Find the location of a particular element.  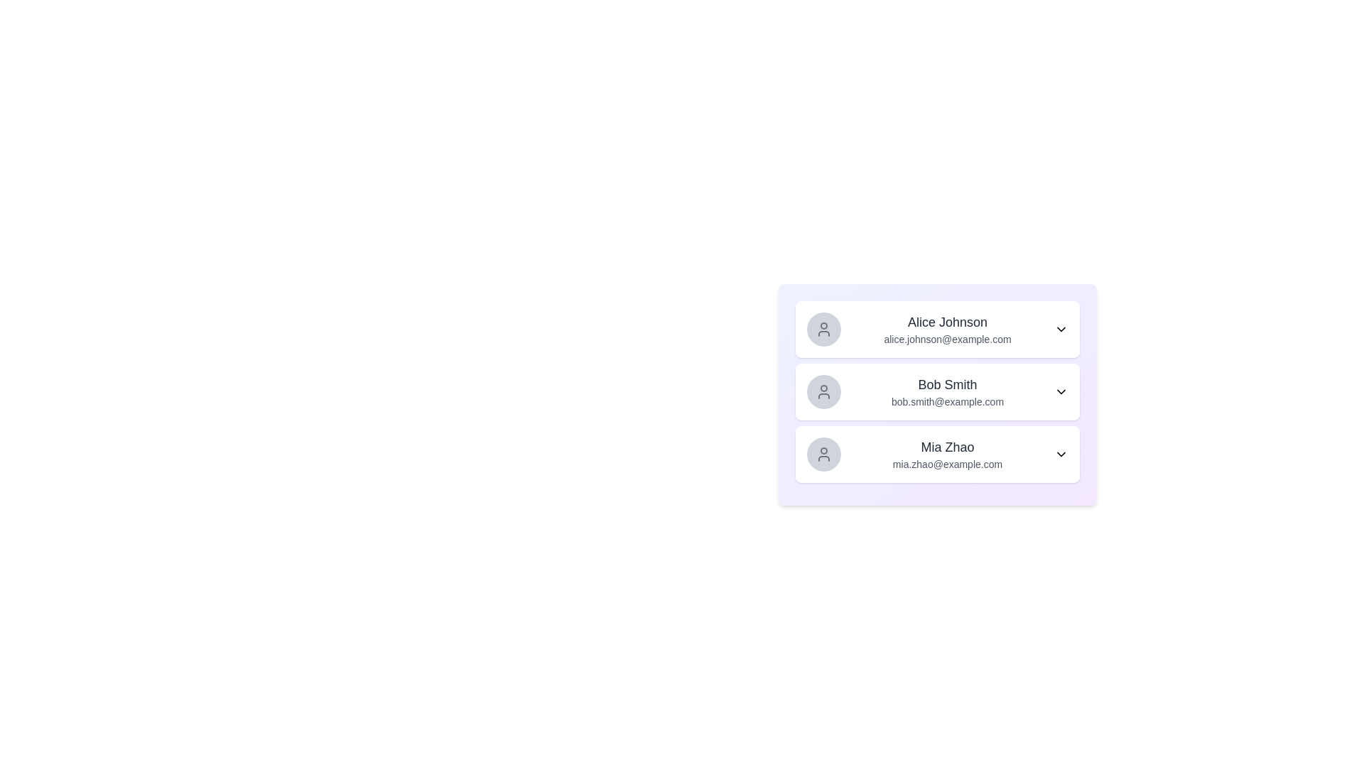

the text element displaying the name 'Mia Zhao' and email 'mia.zhao@example.com' in the third card of the group is located at coordinates (948, 455).